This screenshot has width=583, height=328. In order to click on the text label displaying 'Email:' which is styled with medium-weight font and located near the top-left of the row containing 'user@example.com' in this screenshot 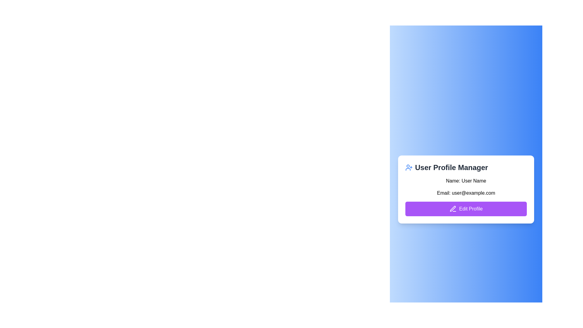, I will do `click(444, 193)`.